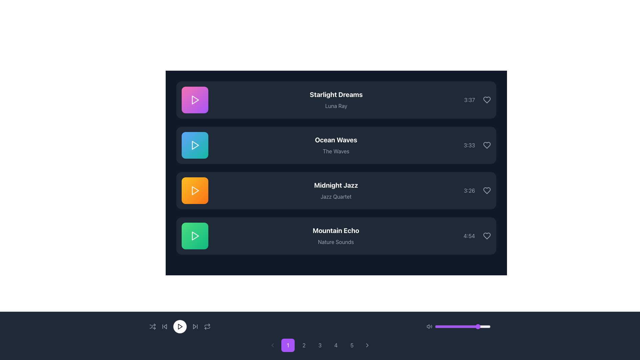 The height and width of the screenshot is (360, 640). Describe the element at coordinates (469, 236) in the screenshot. I see `the non-interactive label displaying the duration of the track 'Mountain Echo', located at the bottom right corner of the entry row, to the left of the heart icon` at that location.